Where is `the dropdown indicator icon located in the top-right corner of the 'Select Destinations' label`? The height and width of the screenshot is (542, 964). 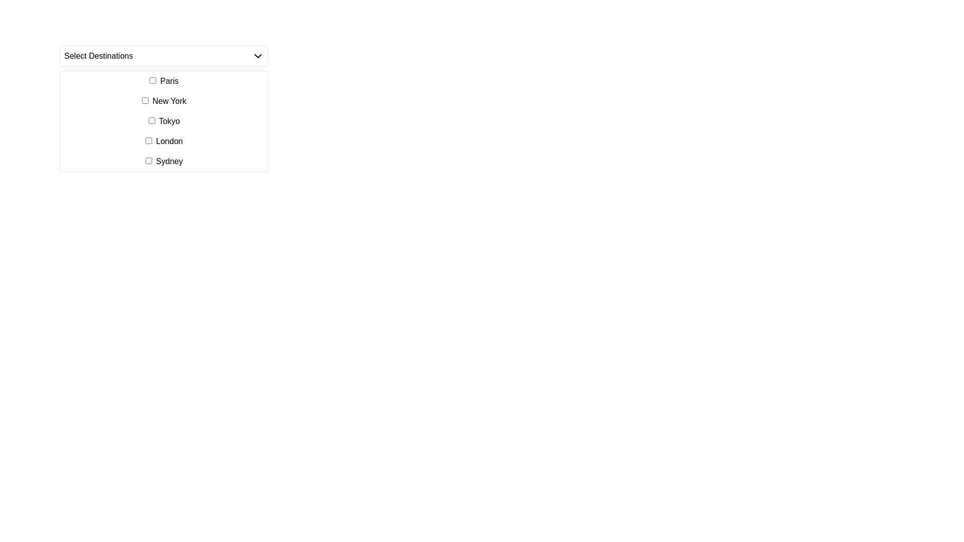
the dropdown indicator icon located in the top-right corner of the 'Select Destinations' label is located at coordinates (258, 56).